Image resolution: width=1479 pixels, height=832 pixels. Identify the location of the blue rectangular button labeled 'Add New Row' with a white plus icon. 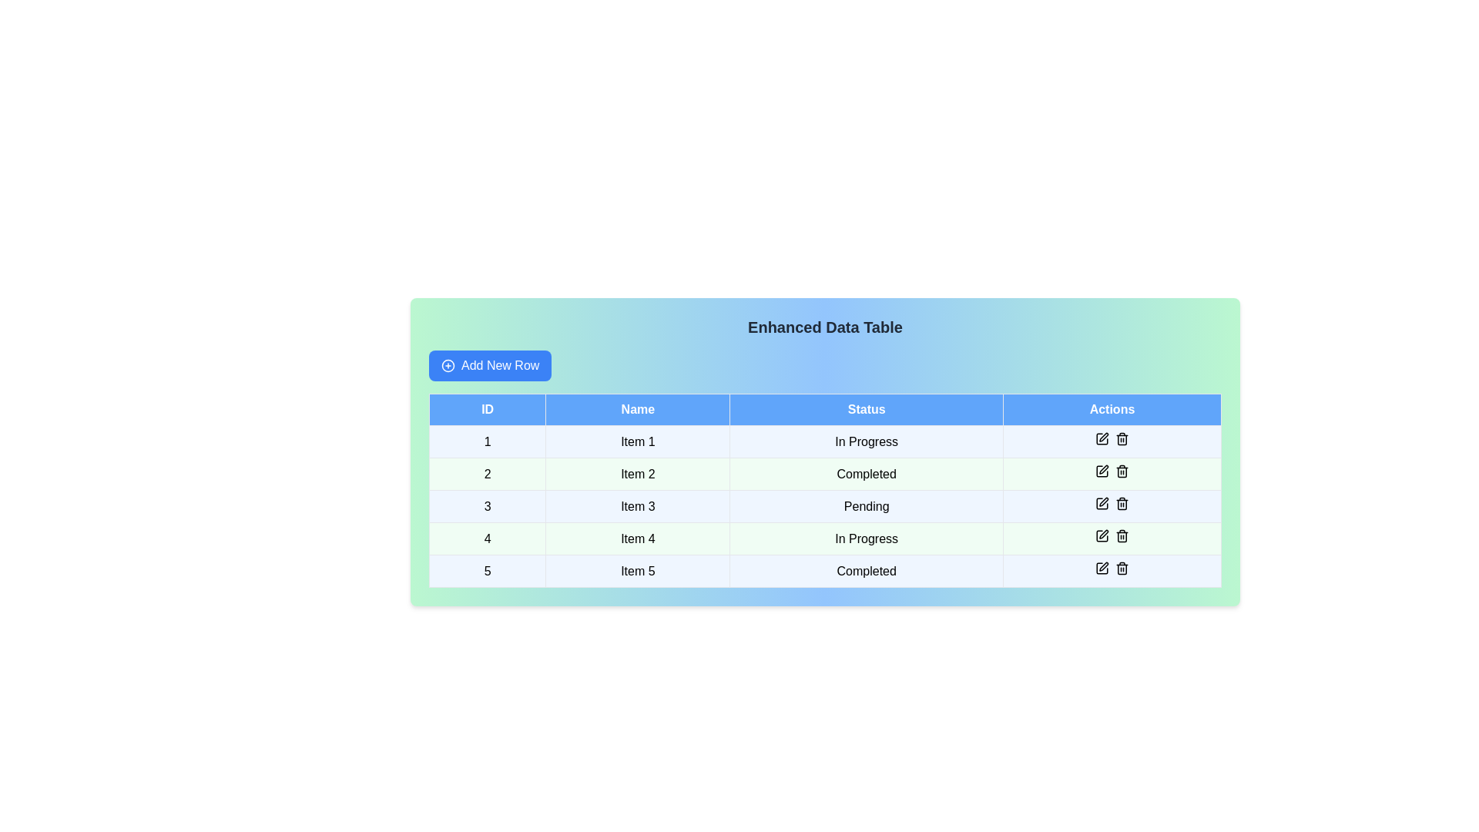
(489, 365).